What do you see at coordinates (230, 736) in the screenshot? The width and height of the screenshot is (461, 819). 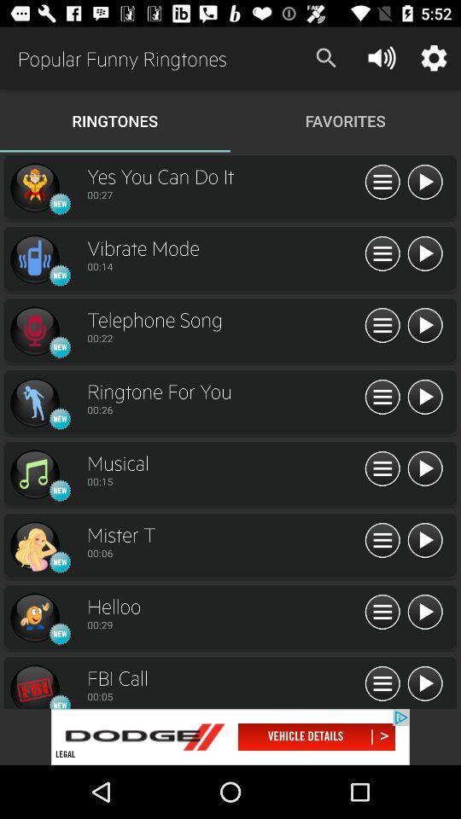 I see `advertisement link` at bounding box center [230, 736].